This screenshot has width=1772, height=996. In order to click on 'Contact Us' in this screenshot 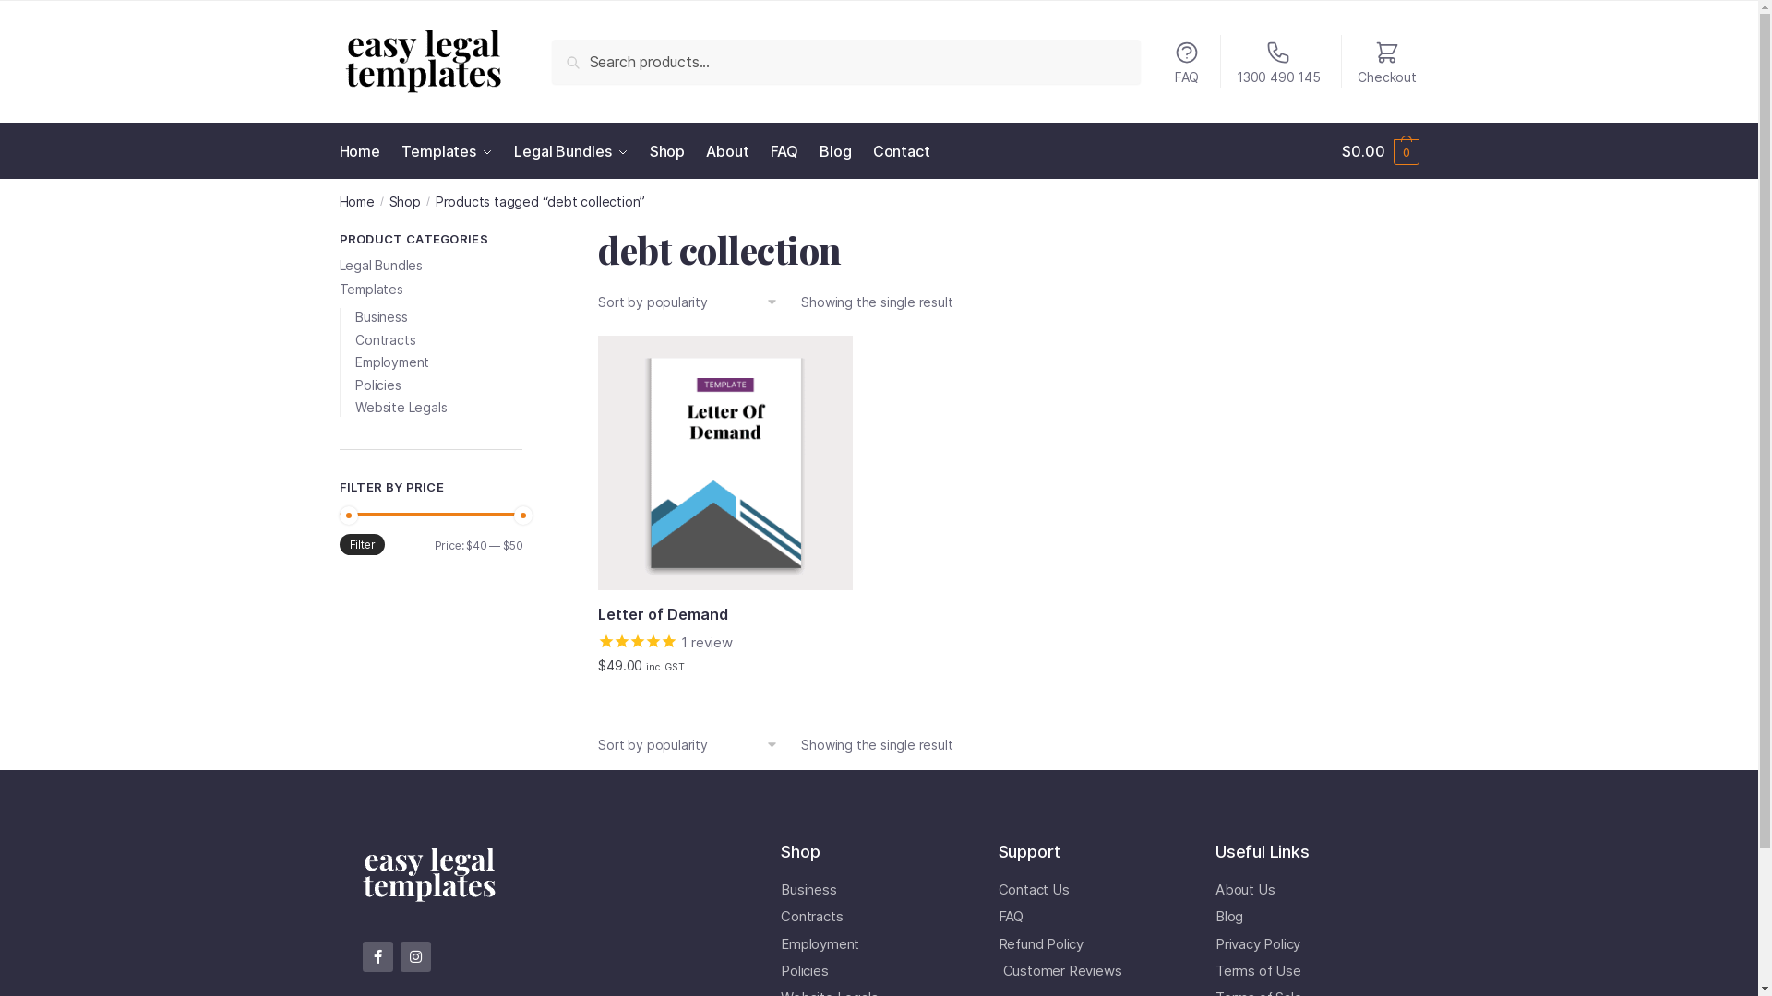, I will do `click(997, 888)`.